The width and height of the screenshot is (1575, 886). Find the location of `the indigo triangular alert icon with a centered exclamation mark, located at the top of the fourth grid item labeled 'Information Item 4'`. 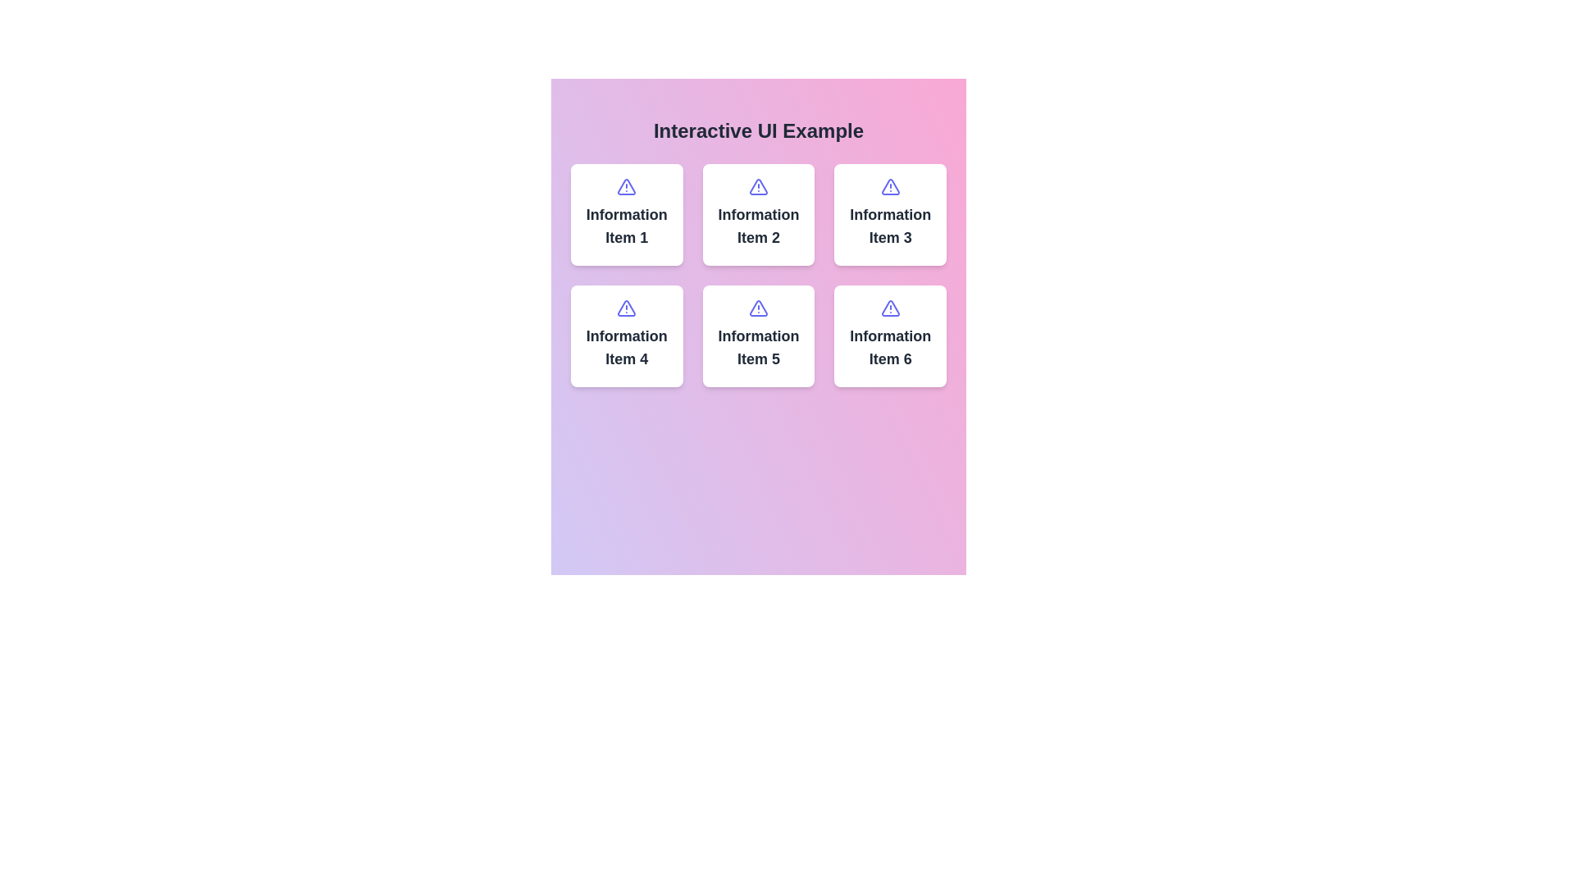

the indigo triangular alert icon with a centered exclamation mark, located at the top of the fourth grid item labeled 'Information Item 4' is located at coordinates (626, 308).